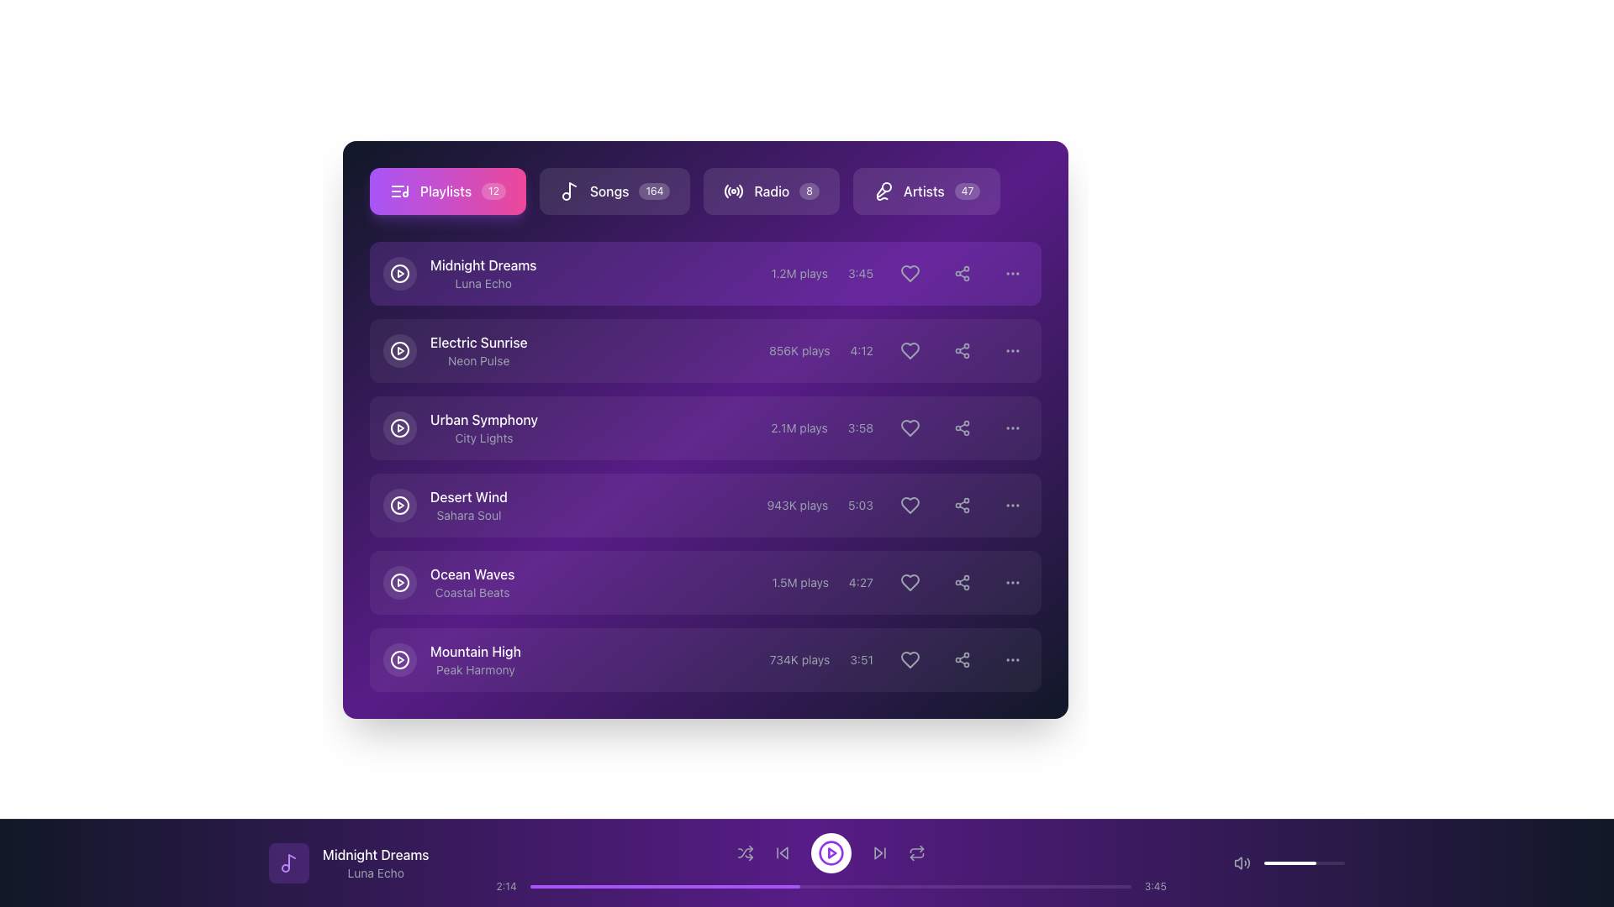  What do you see at coordinates (734, 886) in the screenshot?
I see `playback time` at bounding box center [734, 886].